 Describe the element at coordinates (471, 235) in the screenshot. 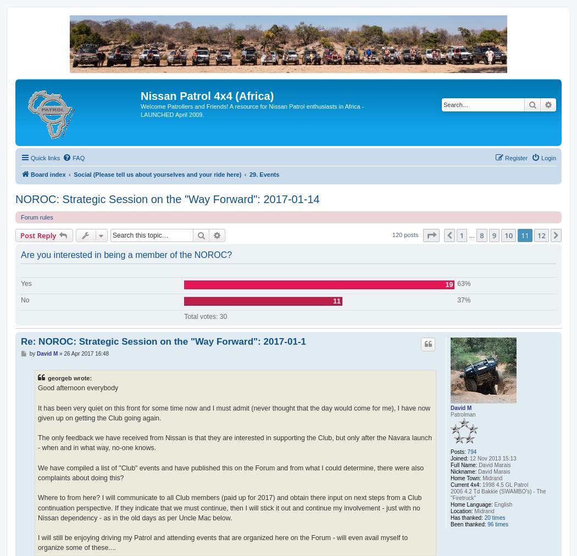

I see `'Previous'` at that location.